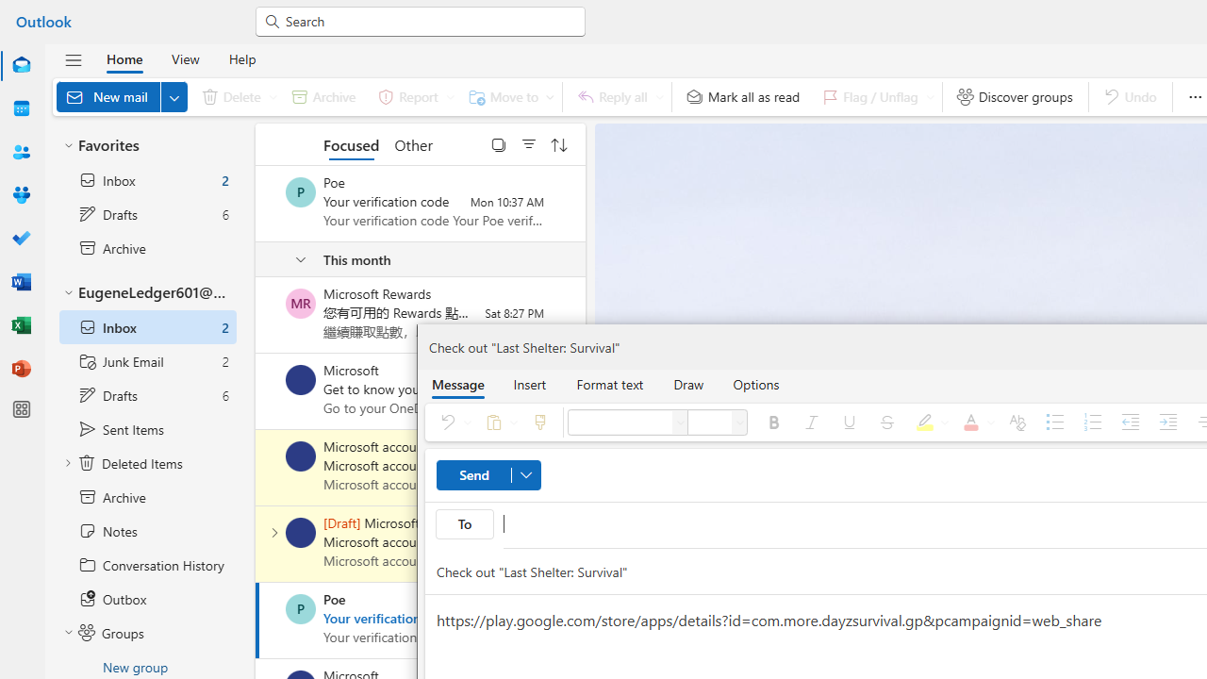 The image size is (1207, 679). What do you see at coordinates (22, 239) in the screenshot?
I see `'To Do'` at bounding box center [22, 239].